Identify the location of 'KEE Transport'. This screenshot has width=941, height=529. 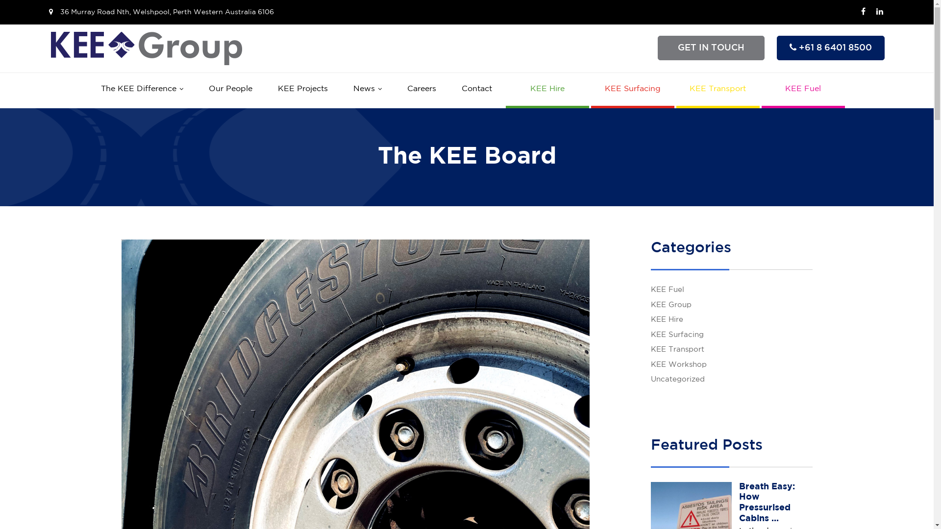
(677, 349).